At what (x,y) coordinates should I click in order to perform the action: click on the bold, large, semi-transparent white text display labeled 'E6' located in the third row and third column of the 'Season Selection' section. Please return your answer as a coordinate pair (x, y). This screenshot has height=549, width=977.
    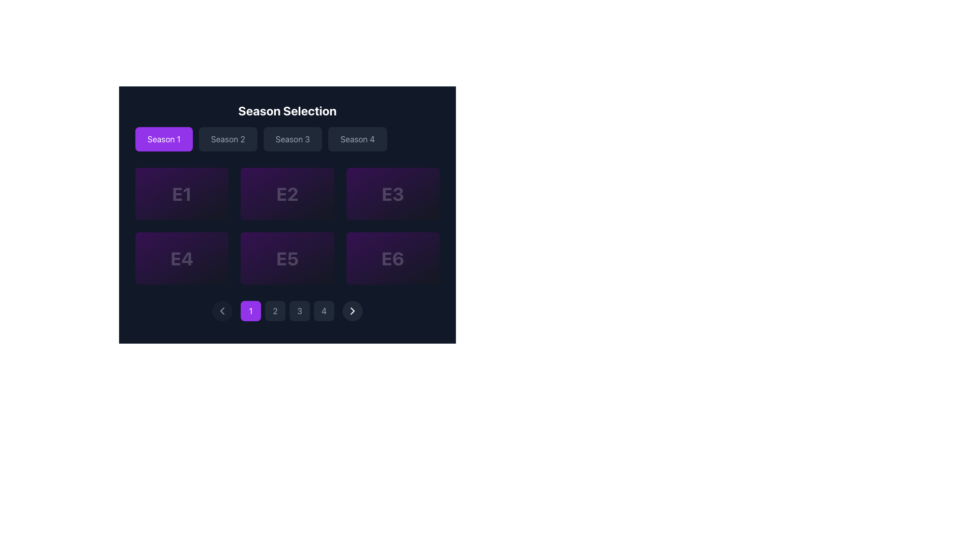
    Looking at the image, I should click on (392, 258).